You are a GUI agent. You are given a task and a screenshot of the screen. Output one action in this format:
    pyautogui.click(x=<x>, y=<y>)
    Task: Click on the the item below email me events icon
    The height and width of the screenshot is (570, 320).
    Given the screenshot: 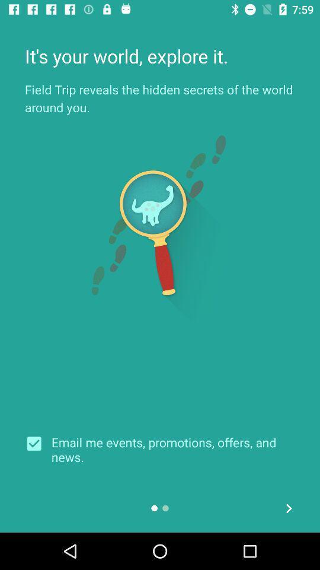 What is the action you would take?
    pyautogui.click(x=288, y=508)
    